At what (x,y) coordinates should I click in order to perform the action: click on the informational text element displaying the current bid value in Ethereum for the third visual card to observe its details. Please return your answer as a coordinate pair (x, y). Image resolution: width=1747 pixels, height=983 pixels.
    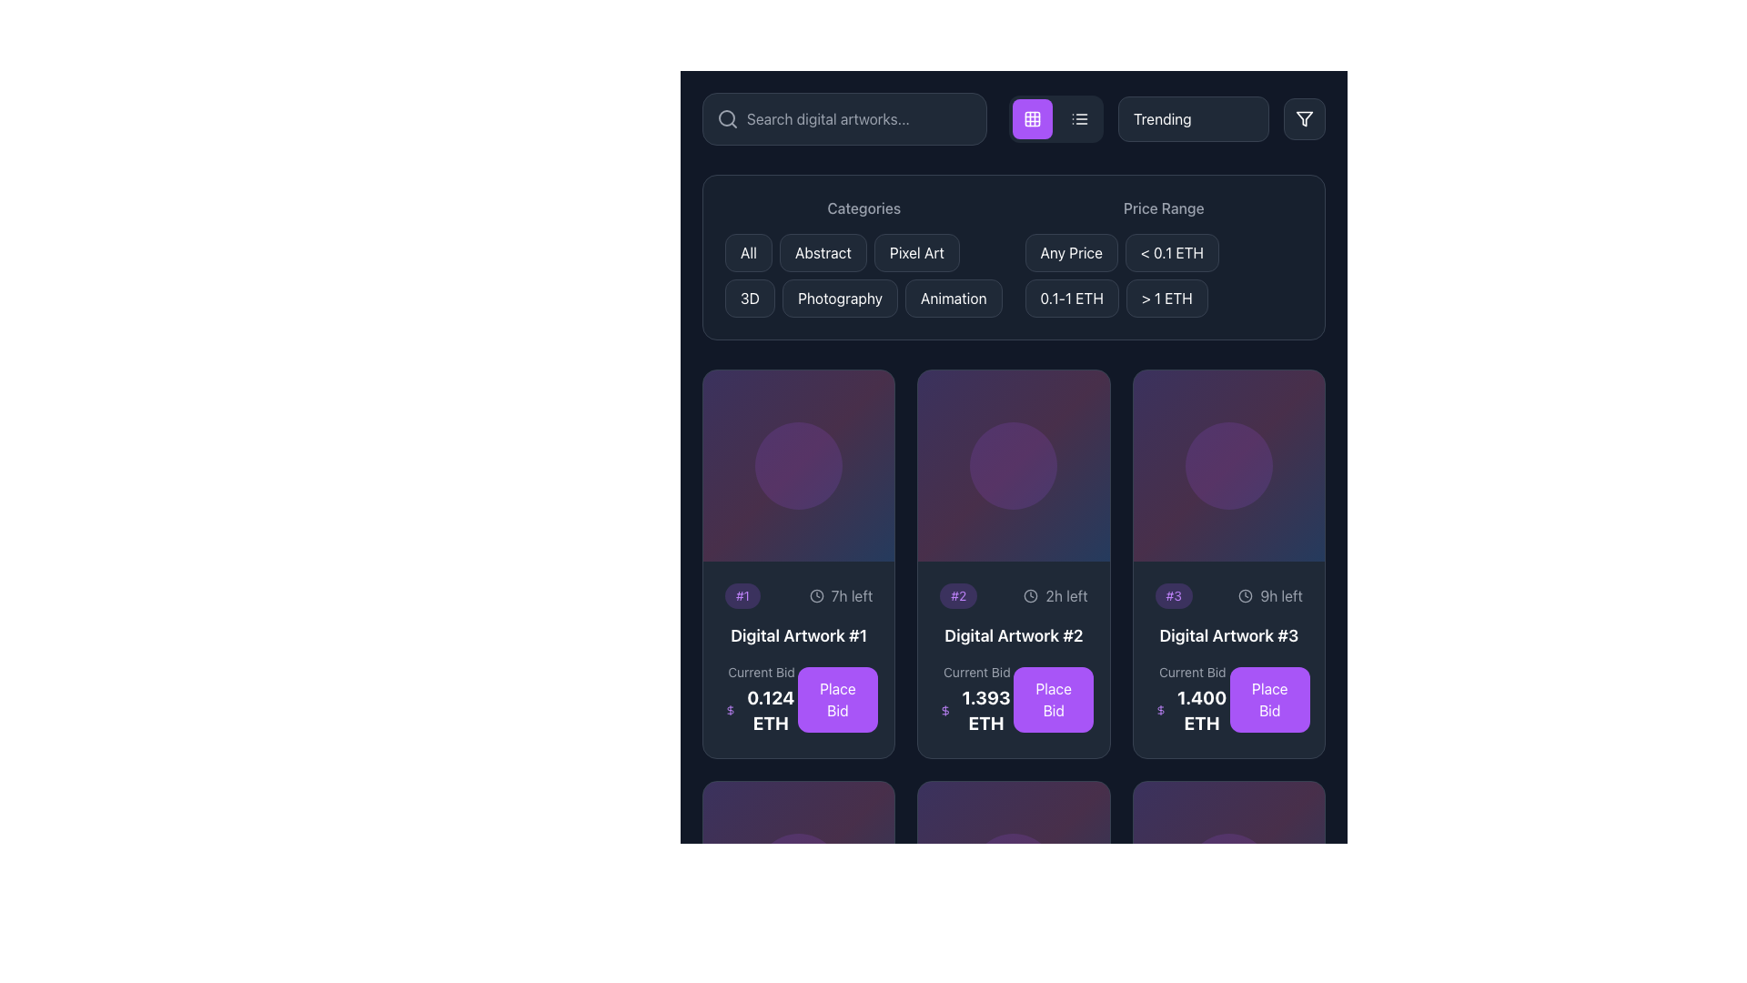
    Looking at the image, I should click on (1192, 699).